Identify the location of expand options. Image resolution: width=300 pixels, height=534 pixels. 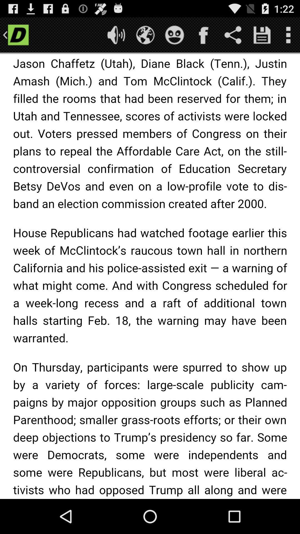
(288, 34).